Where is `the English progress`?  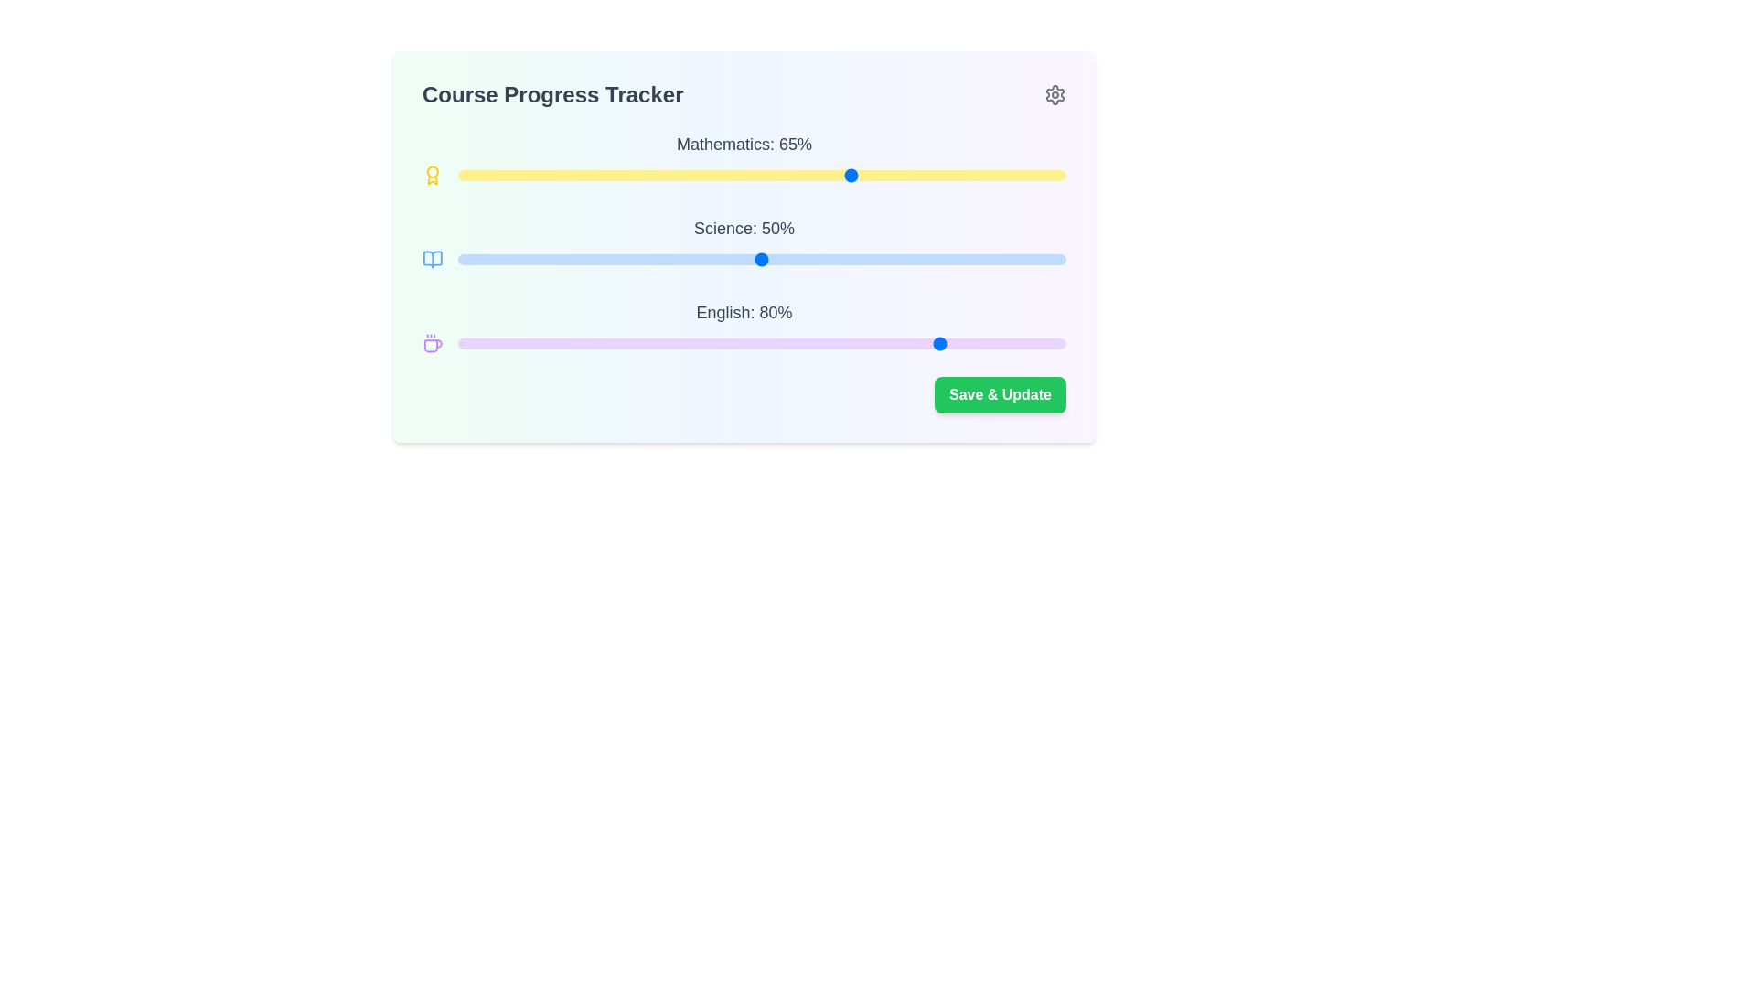 the English progress is located at coordinates (1042, 343).